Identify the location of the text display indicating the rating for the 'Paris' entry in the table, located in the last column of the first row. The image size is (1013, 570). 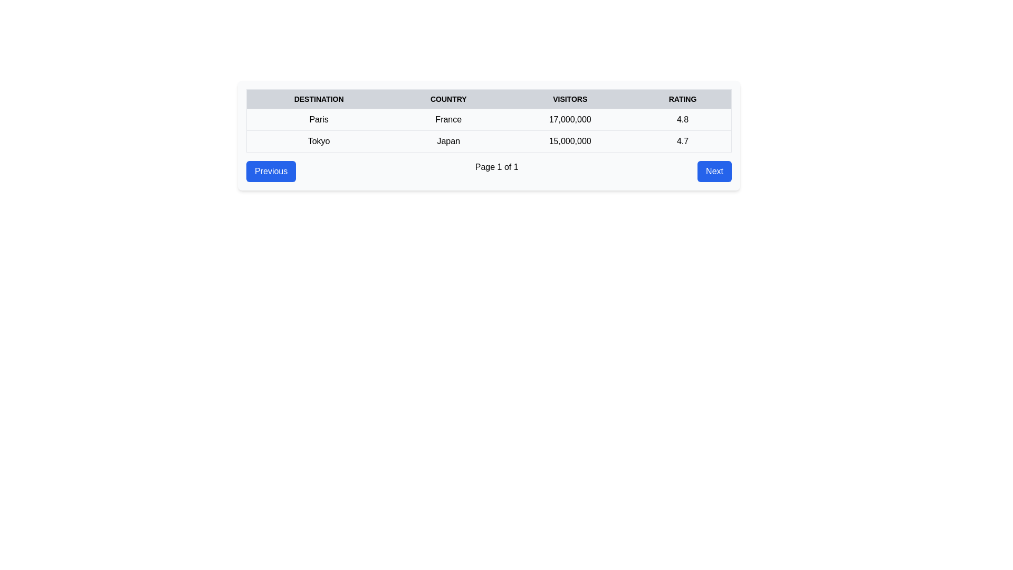
(683, 119).